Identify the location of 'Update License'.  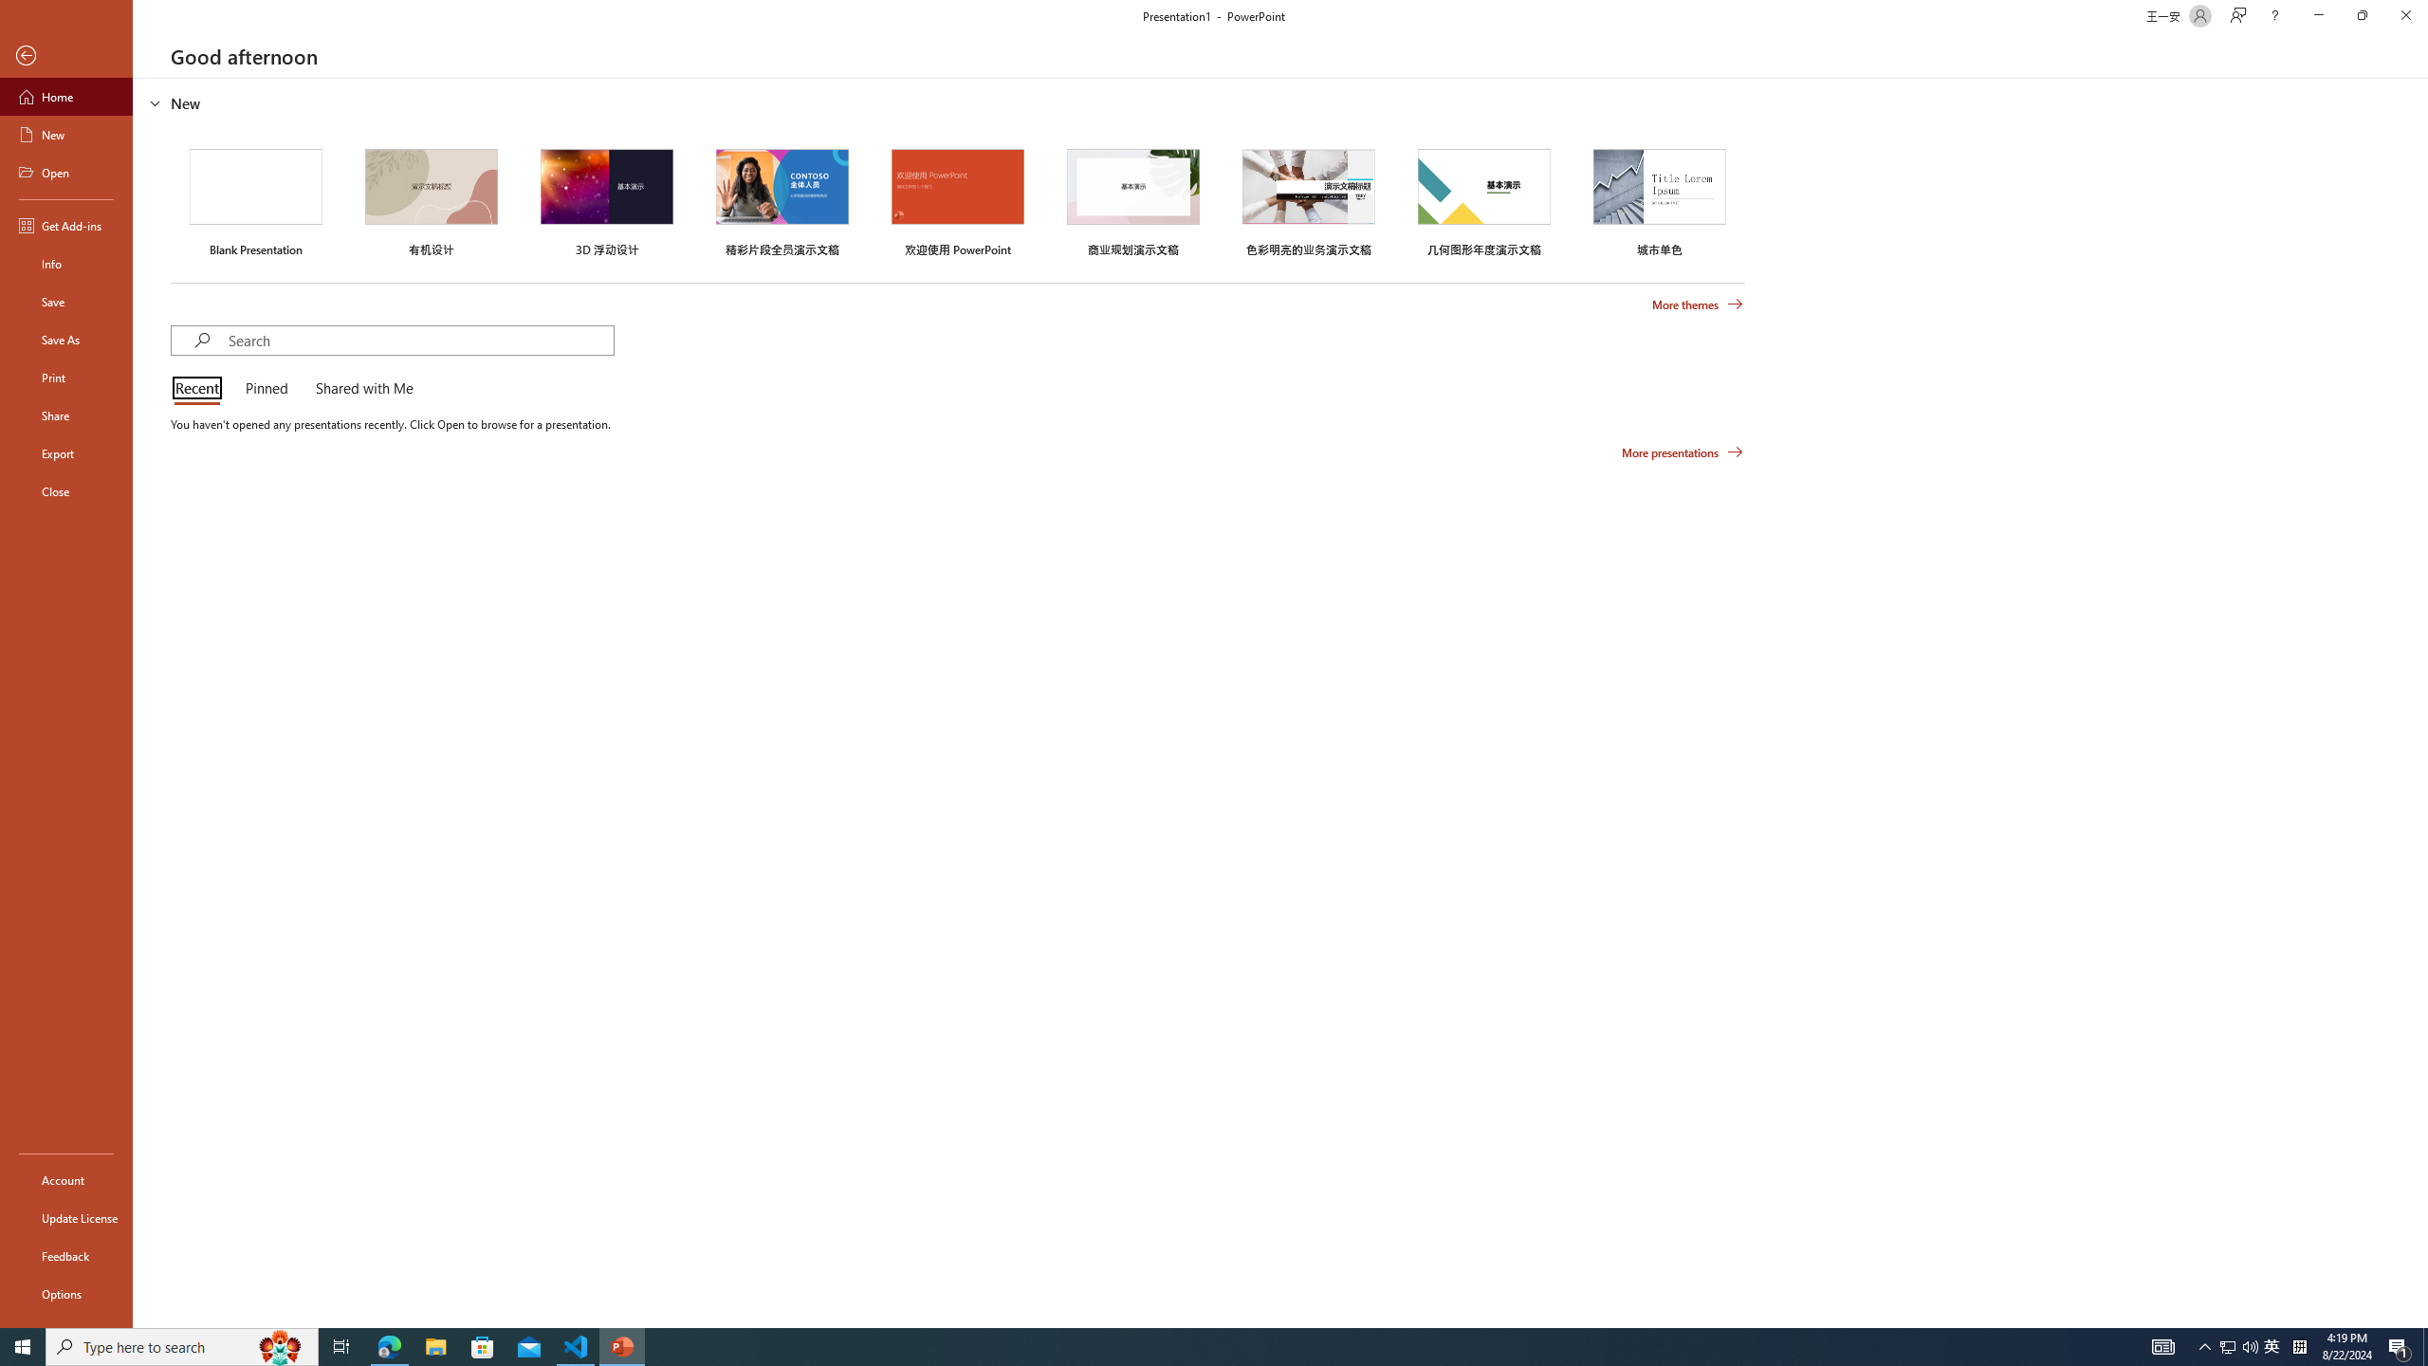
(65, 1217).